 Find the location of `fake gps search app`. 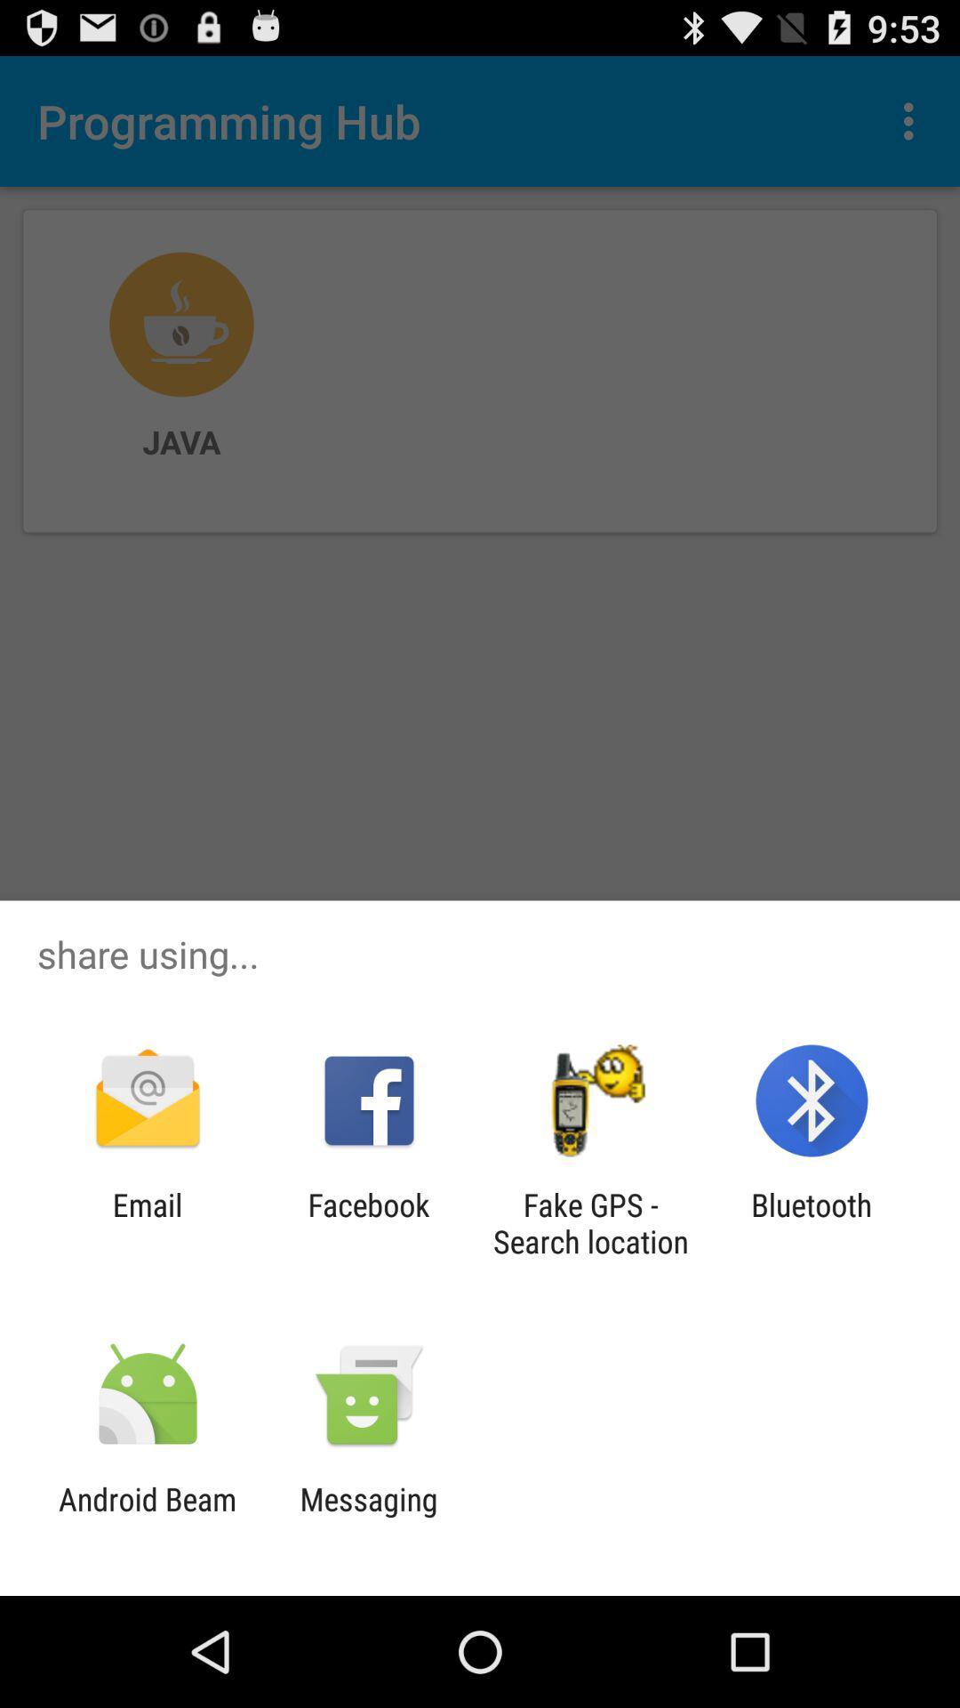

fake gps search app is located at coordinates (590, 1222).